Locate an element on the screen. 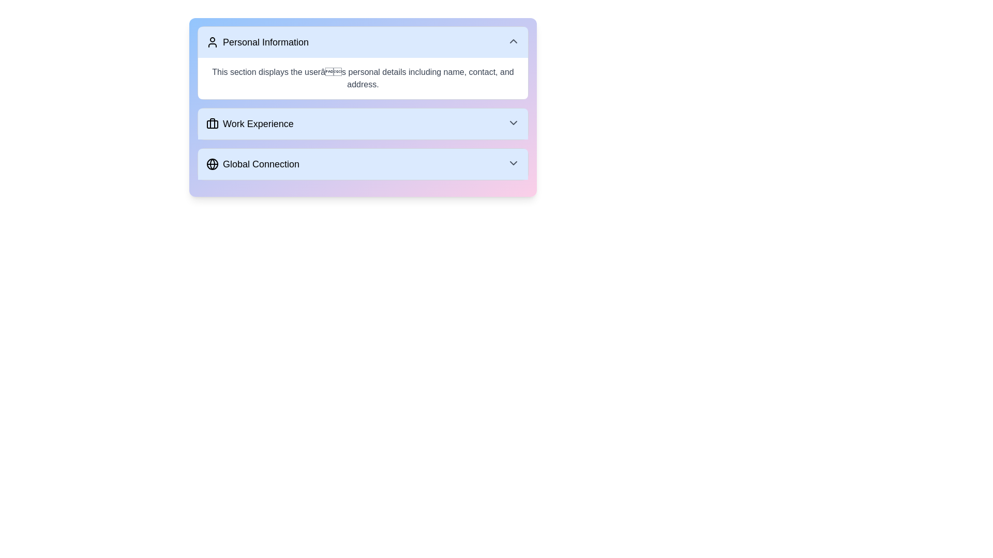 The height and width of the screenshot is (558, 993). text 'Personal Information' from the Label or Header with Icon, which features a user icon and is positioned at the top-left corner of a collapsible card-like section with a light blue background is located at coordinates (258, 41).